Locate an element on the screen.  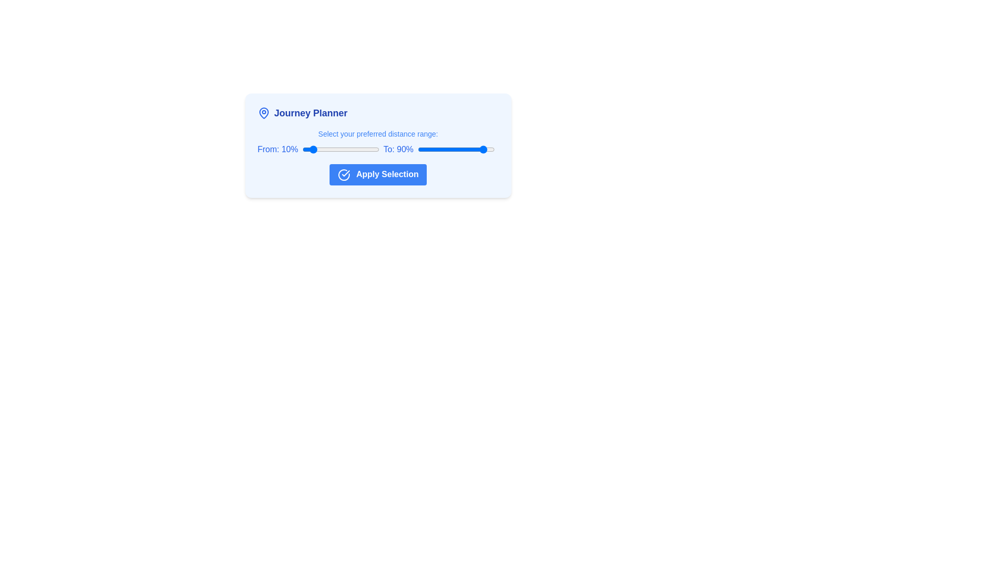
the slider value is located at coordinates (454, 150).